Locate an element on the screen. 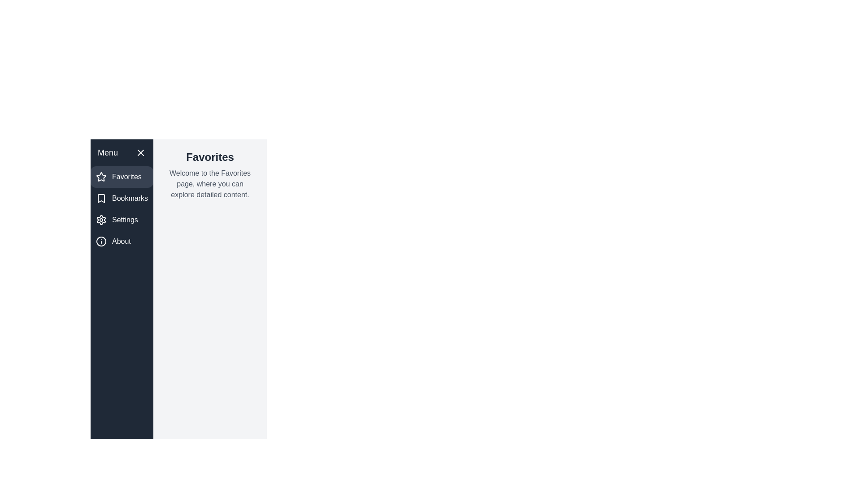 The width and height of the screenshot is (861, 484). the 'Favorites' text label in the left vertical navigation bar, which is styled with a light text color and is the first label after the star icon is located at coordinates (126, 177).